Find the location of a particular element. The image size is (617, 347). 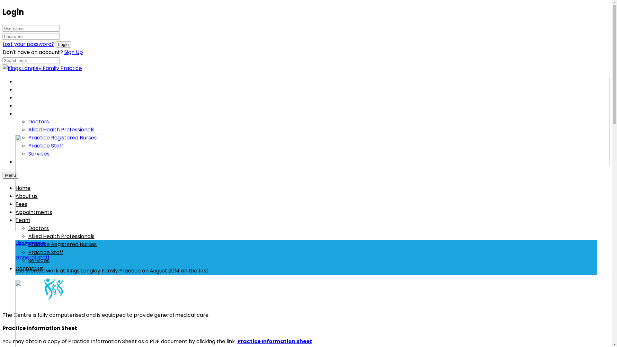

'Login' is located at coordinates (63, 44).